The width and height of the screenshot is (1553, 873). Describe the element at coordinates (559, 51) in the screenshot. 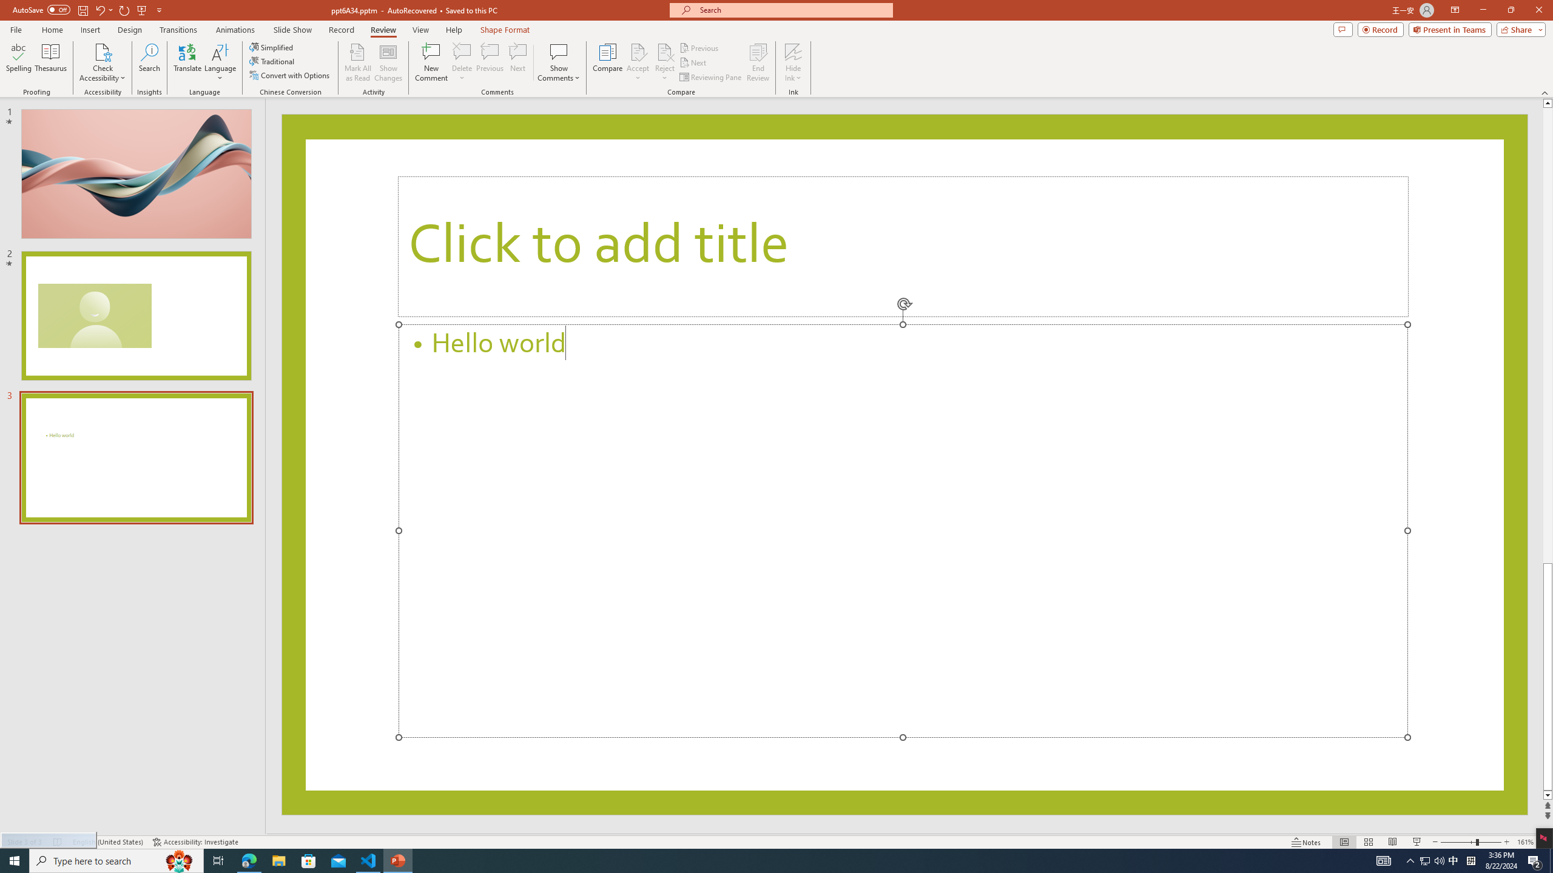

I see `'Show Comments'` at that location.